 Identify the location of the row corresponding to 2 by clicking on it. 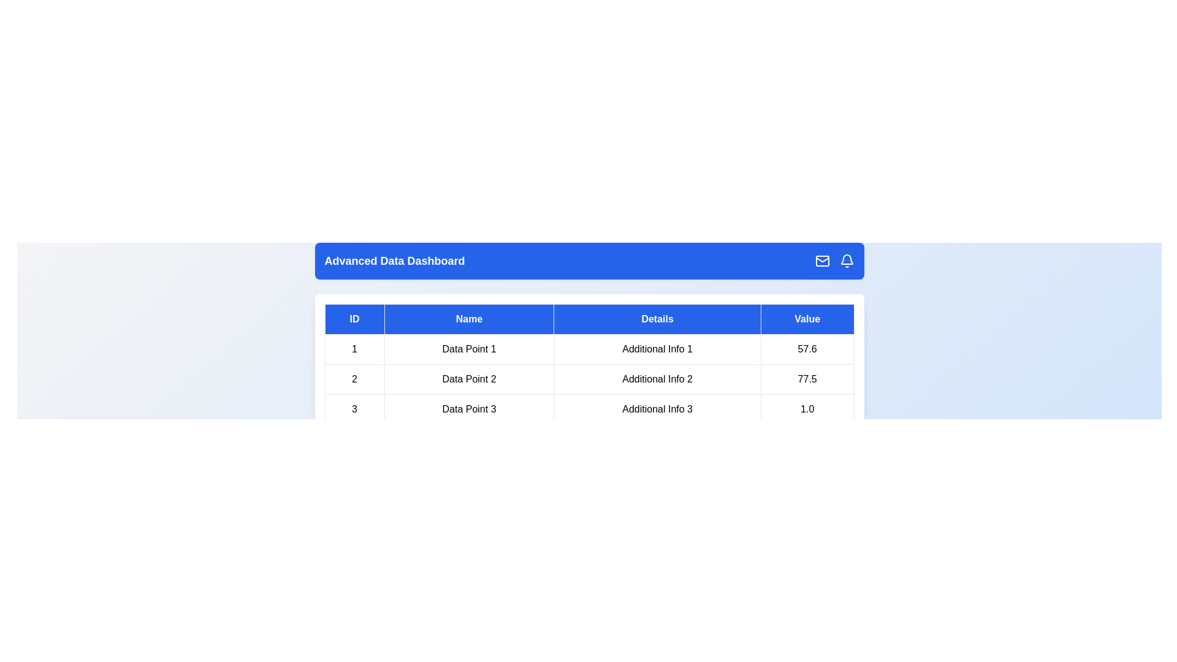
(589, 378).